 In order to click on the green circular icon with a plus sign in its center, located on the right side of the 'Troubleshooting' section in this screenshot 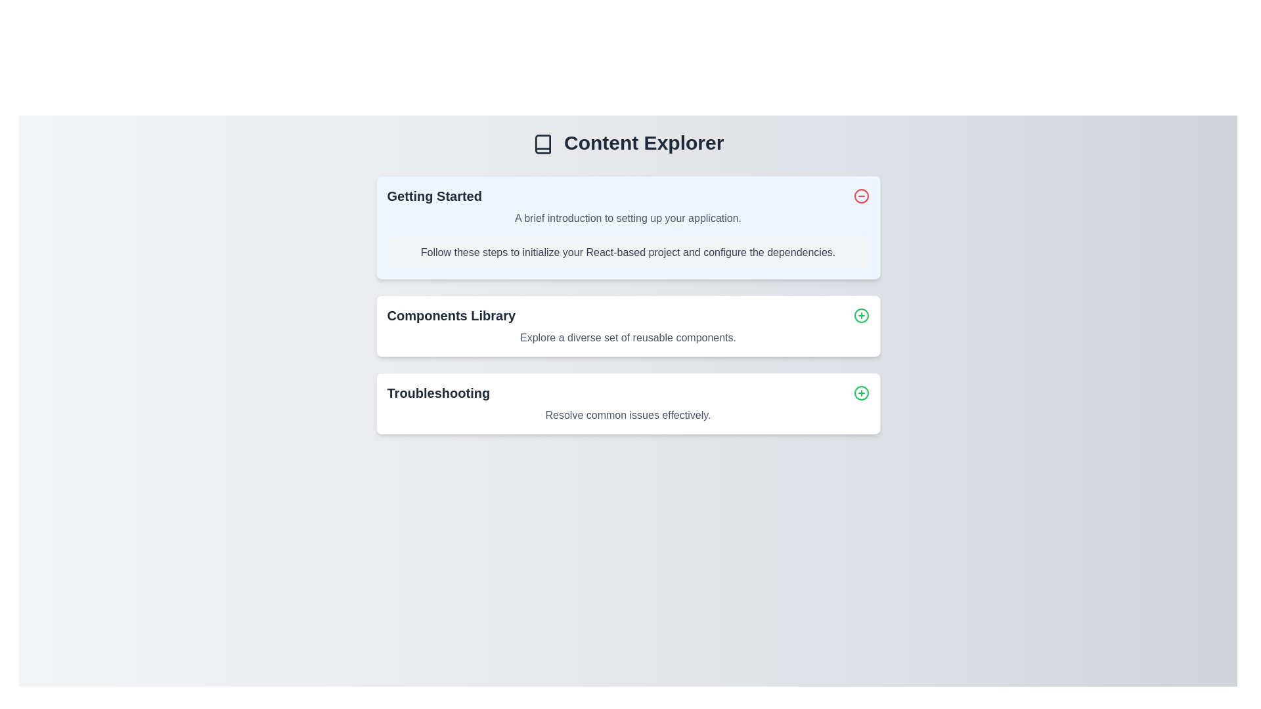, I will do `click(861, 393)`.